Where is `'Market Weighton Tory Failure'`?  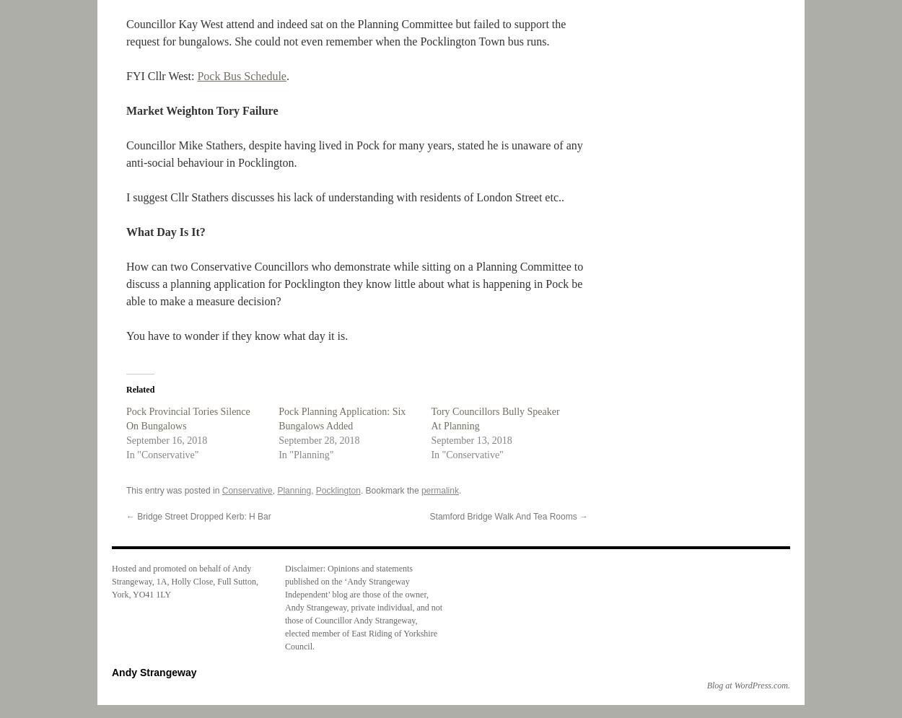
'Market Weighton Tory Failure' is located at coordinates (202, 110).